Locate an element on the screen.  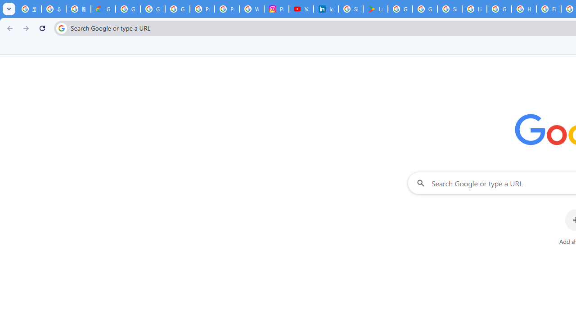
'Privacy Help Center - Policies Help' is located at coordinates (202, 9).